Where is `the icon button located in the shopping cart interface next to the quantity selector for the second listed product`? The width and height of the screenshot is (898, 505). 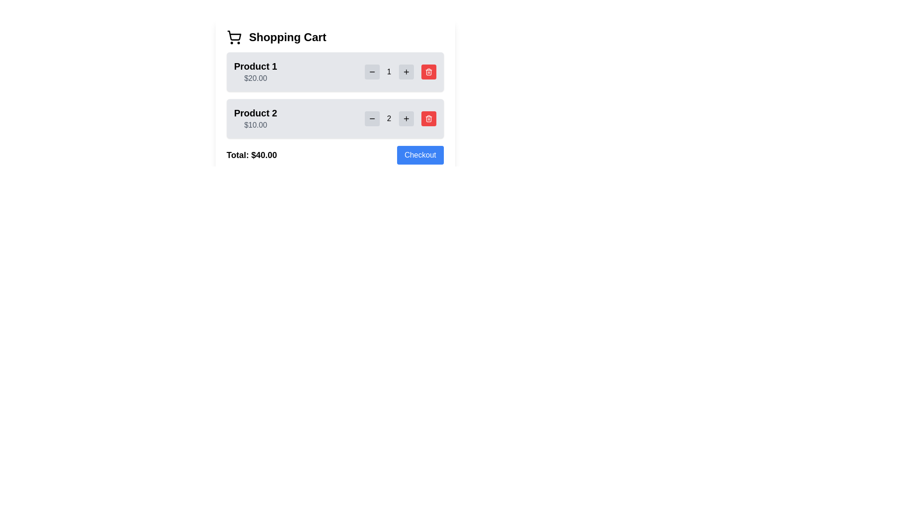
the icon button located in the shopping cart interface next to the quantity selector for the second listed product is located at coordinates (428, 72).